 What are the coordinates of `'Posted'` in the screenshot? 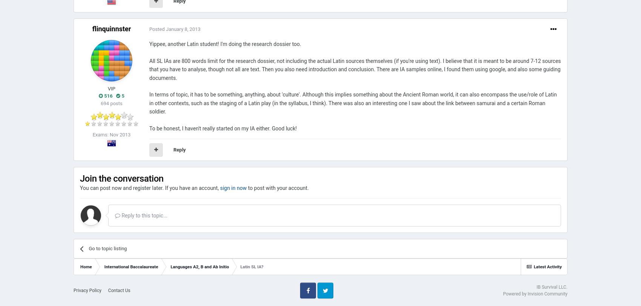 It's located at (157, 29).